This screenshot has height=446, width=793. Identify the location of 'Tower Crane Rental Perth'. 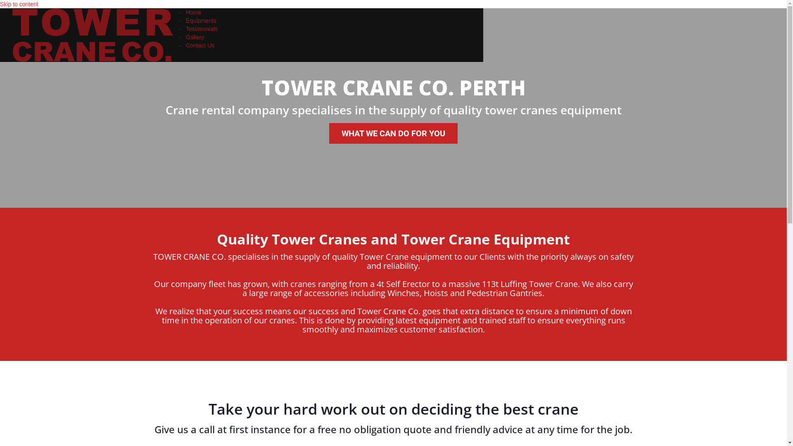
(12, 34).